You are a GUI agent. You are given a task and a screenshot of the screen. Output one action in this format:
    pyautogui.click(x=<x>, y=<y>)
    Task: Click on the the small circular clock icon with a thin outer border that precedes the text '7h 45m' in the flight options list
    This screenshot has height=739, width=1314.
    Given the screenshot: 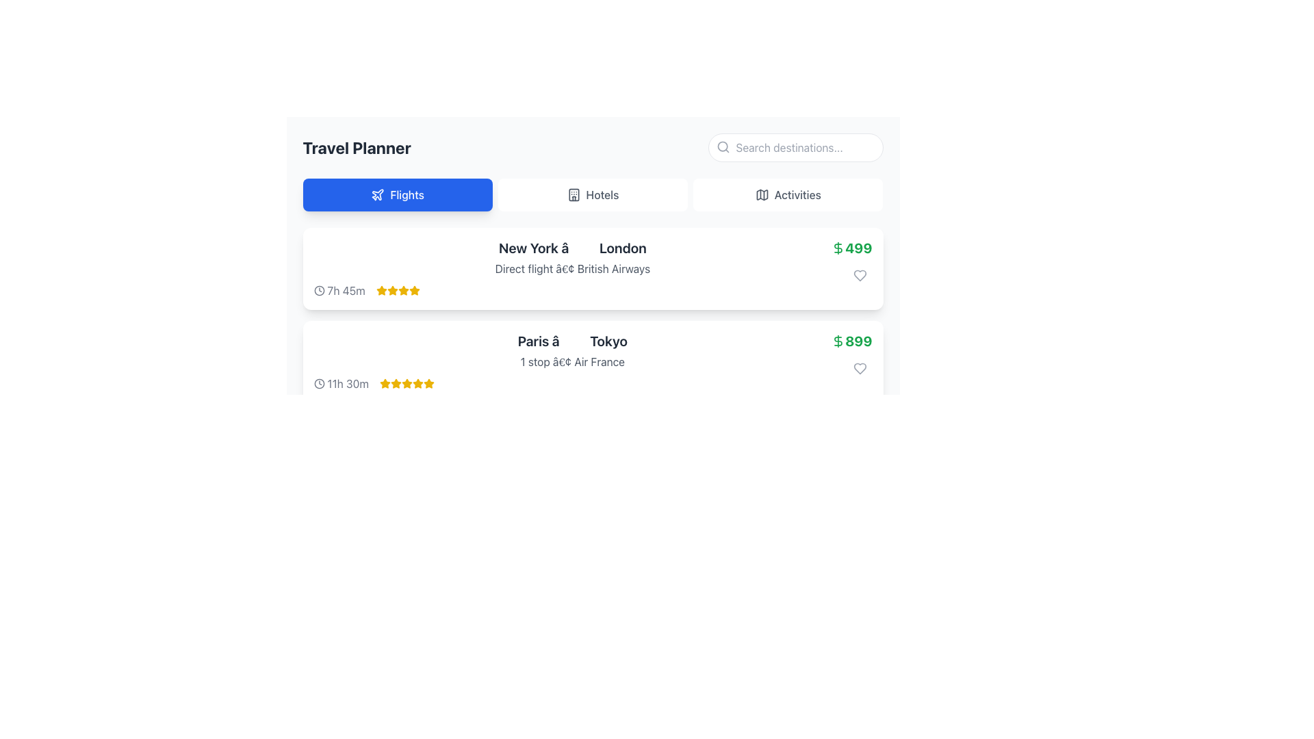 What is the action you would take?
    pyautogui.click(x=318, y=289)
    